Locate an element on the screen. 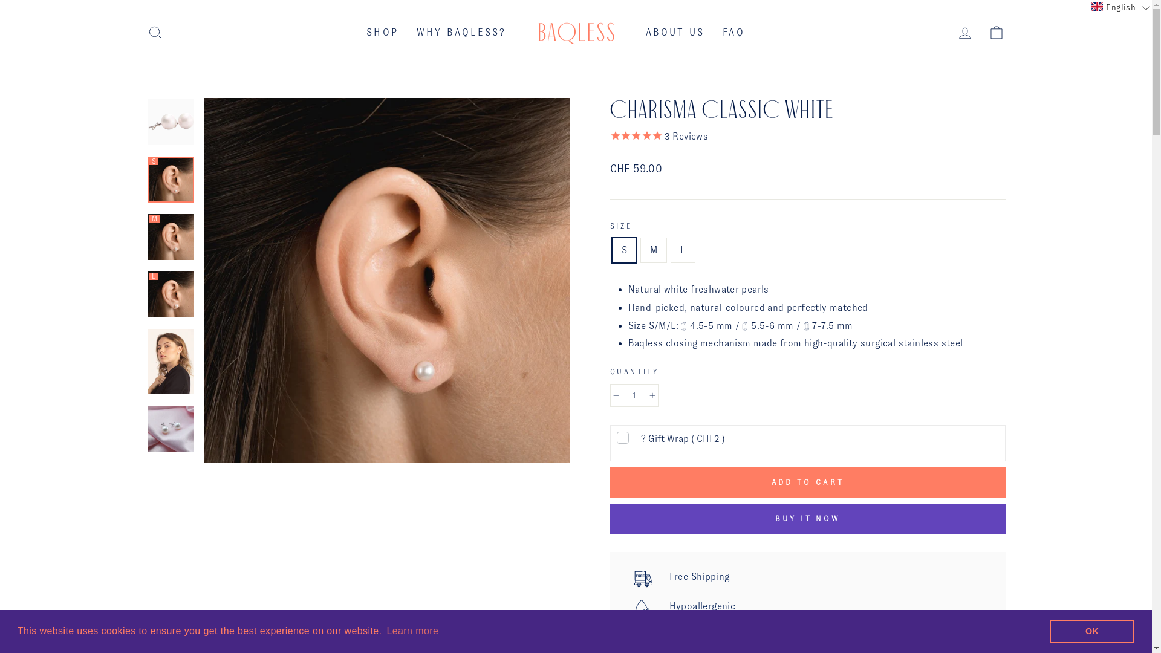 The height and width of the screenshot is (653, 1161). 'LOG IN' is located at coordinates (964, 31).